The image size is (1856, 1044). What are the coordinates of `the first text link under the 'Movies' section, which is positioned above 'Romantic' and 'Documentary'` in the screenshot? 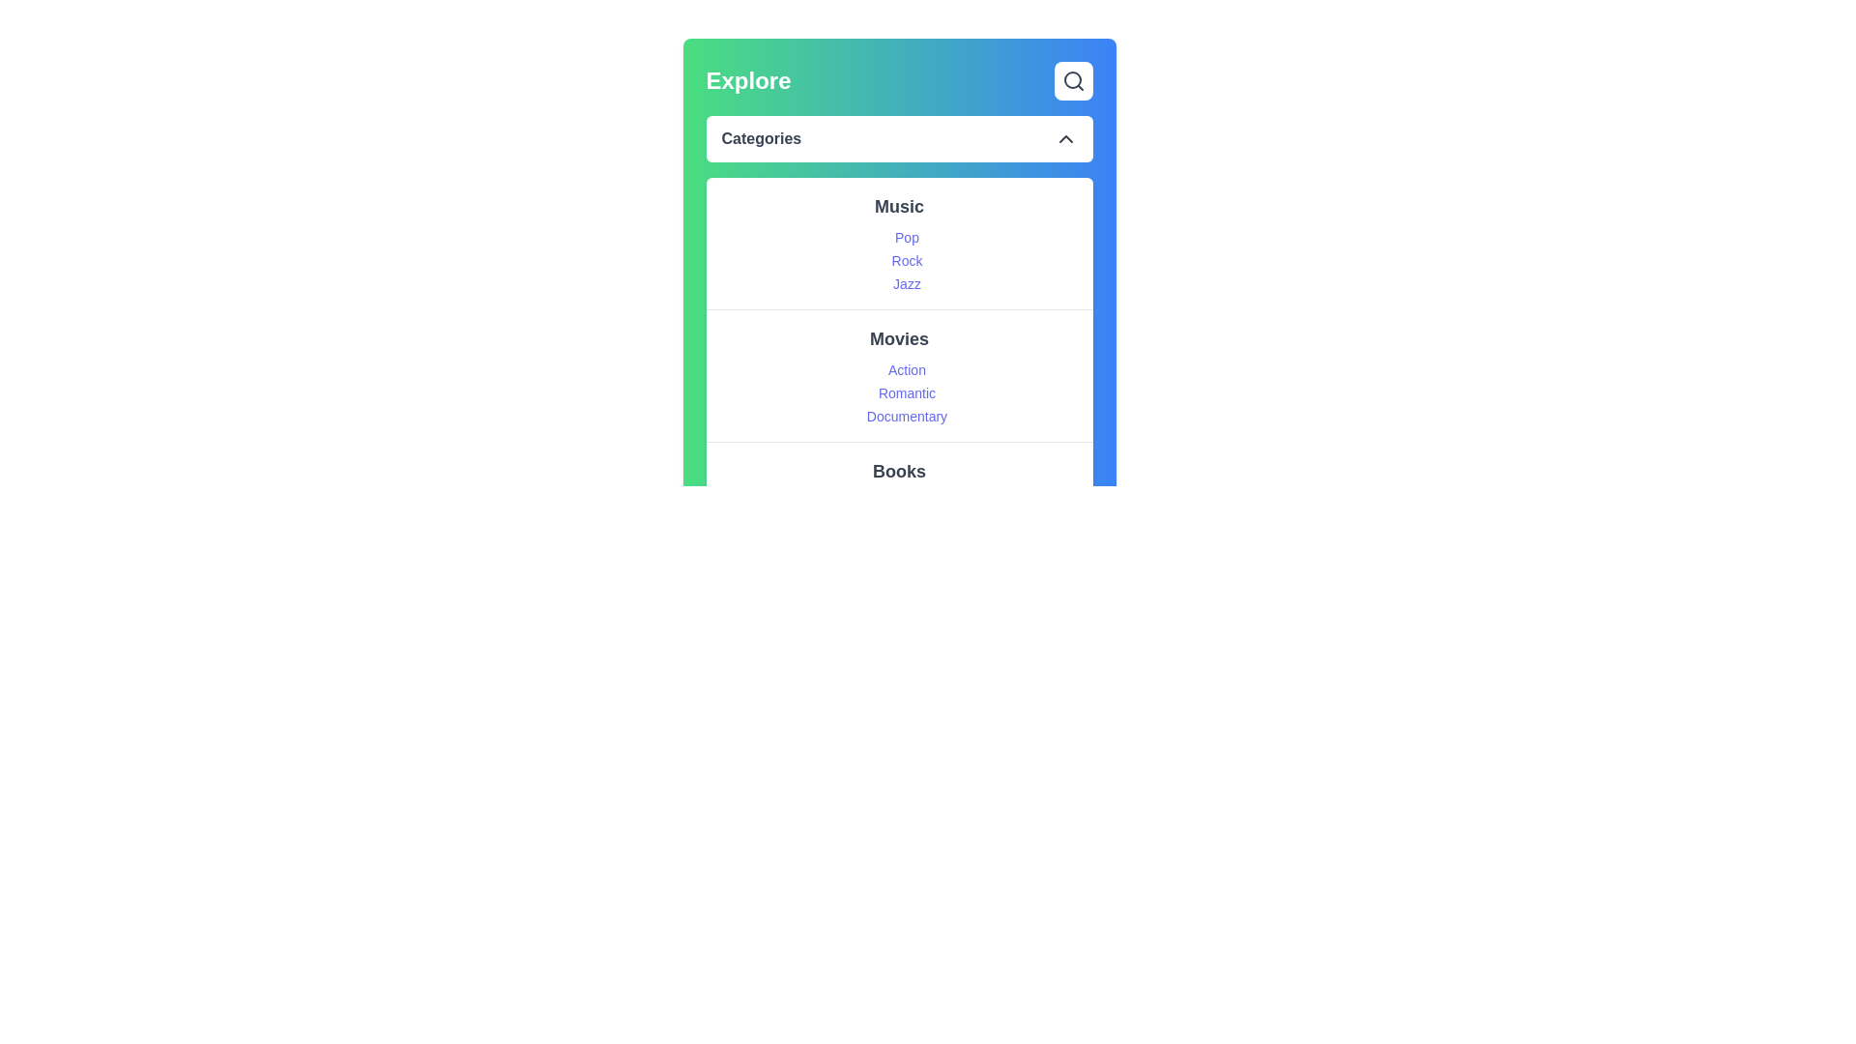 It's located at (906, 369).